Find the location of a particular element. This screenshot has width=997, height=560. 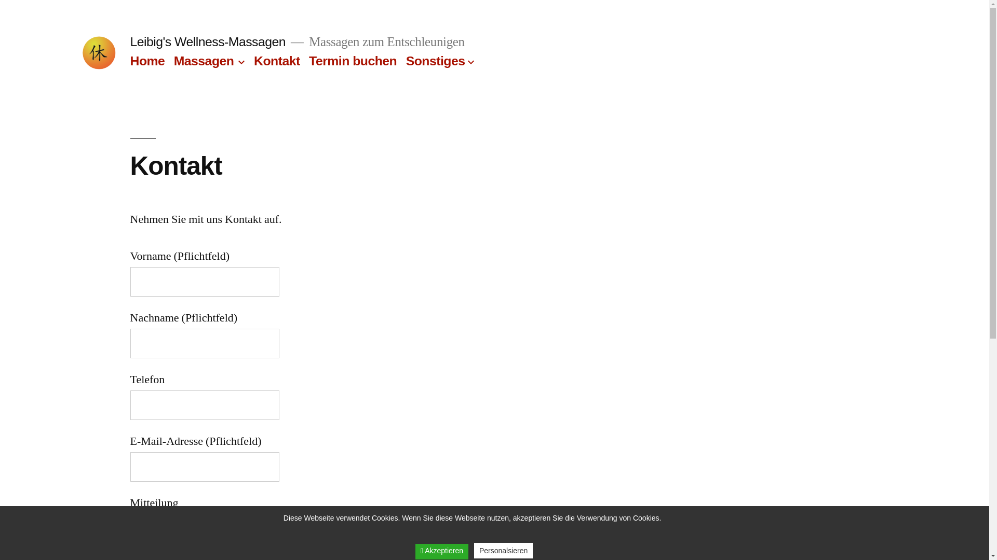

'Leibig's Wellness-Massagen' is located at coordinates (207, 41).